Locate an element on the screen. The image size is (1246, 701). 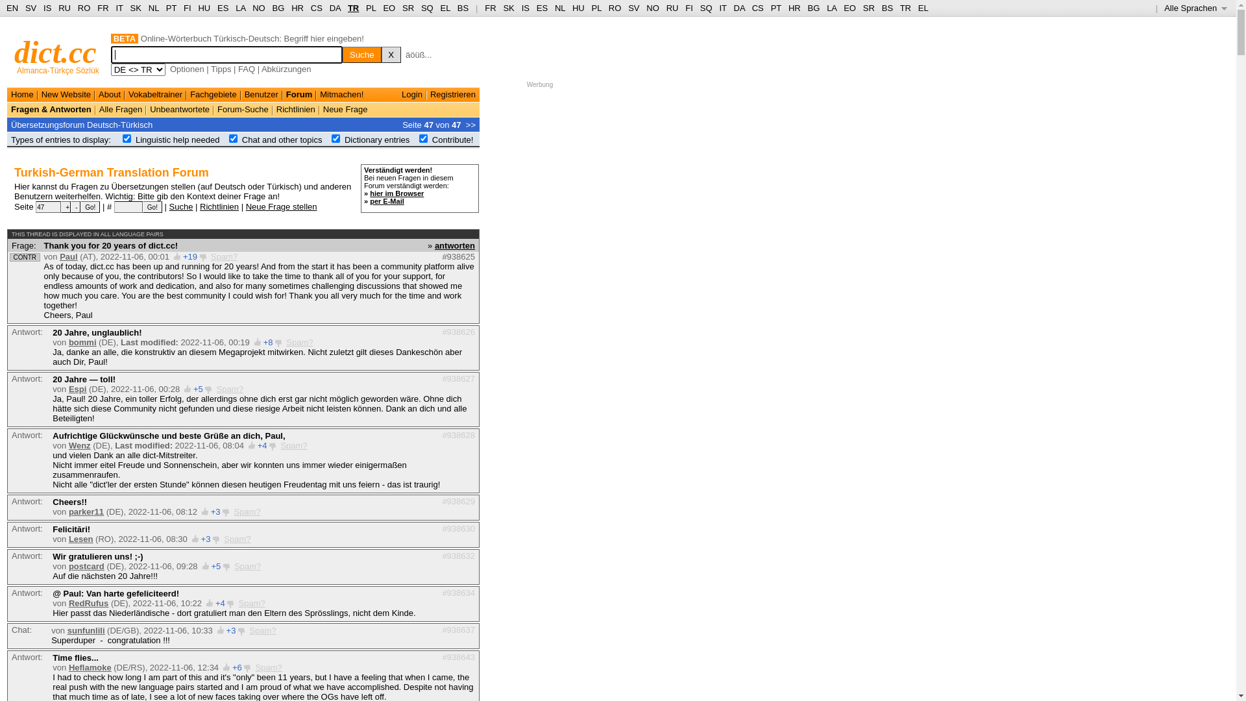
'Suche' is located at coordinates (361, 54).